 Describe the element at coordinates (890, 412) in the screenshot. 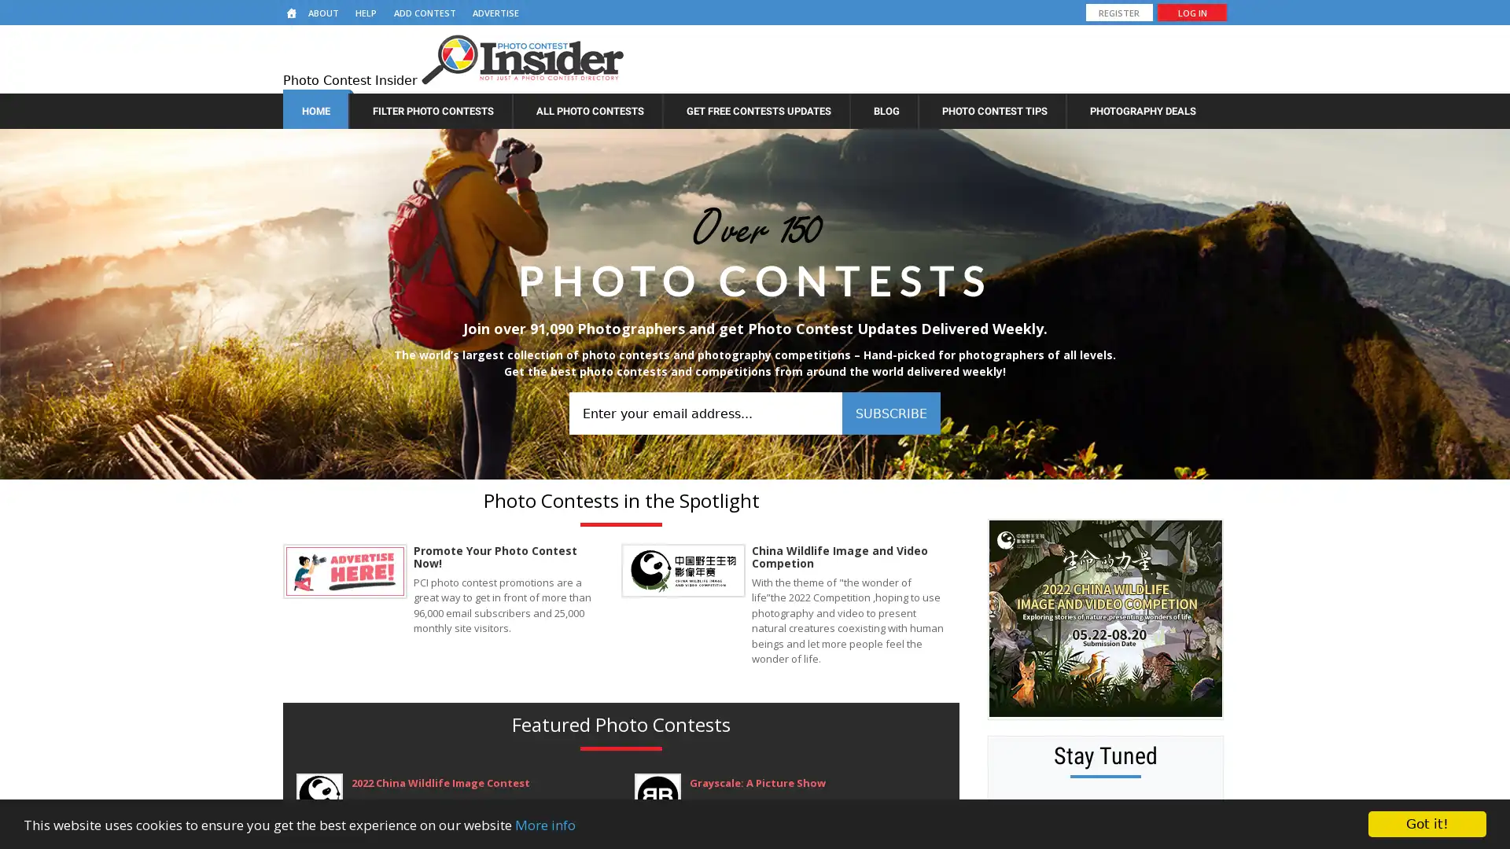

I see `Subscribe` at that location.